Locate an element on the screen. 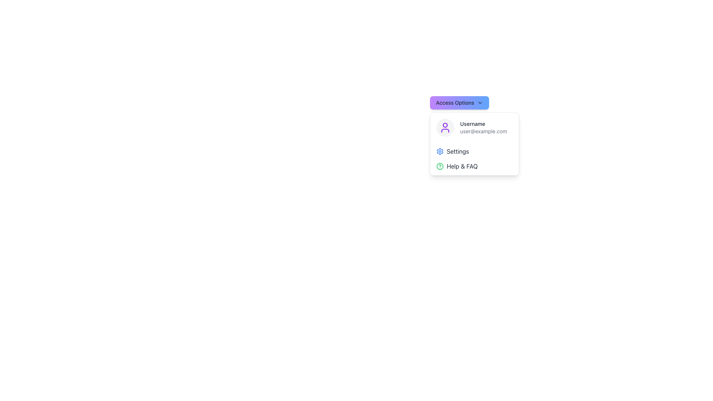 The width and height of the screenshot is (713, 401). the gear icon representing settings, which is located to the left of the 'Settings' text label in the vertical dropdown menu is located at coordinates (440, 151).